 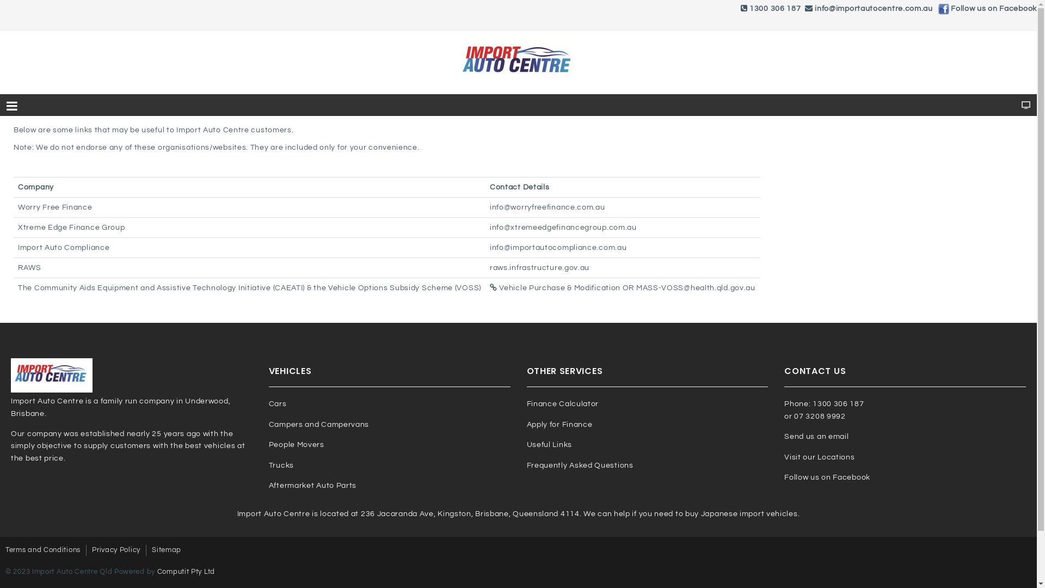 What do you see at coordinates (549, 445) in the screenshot?
I see `'Useful Links'` at bounding box center [549, 445].